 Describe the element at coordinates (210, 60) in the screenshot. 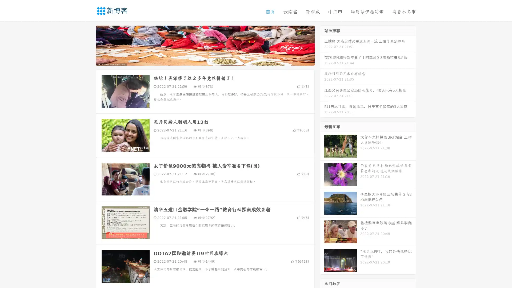

I see `Go to slide 3` at that location.